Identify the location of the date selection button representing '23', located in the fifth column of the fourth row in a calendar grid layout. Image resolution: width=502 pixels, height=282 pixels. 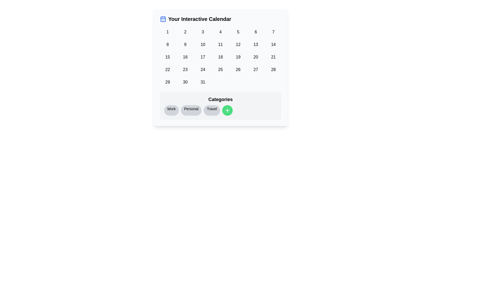
(185, 69).